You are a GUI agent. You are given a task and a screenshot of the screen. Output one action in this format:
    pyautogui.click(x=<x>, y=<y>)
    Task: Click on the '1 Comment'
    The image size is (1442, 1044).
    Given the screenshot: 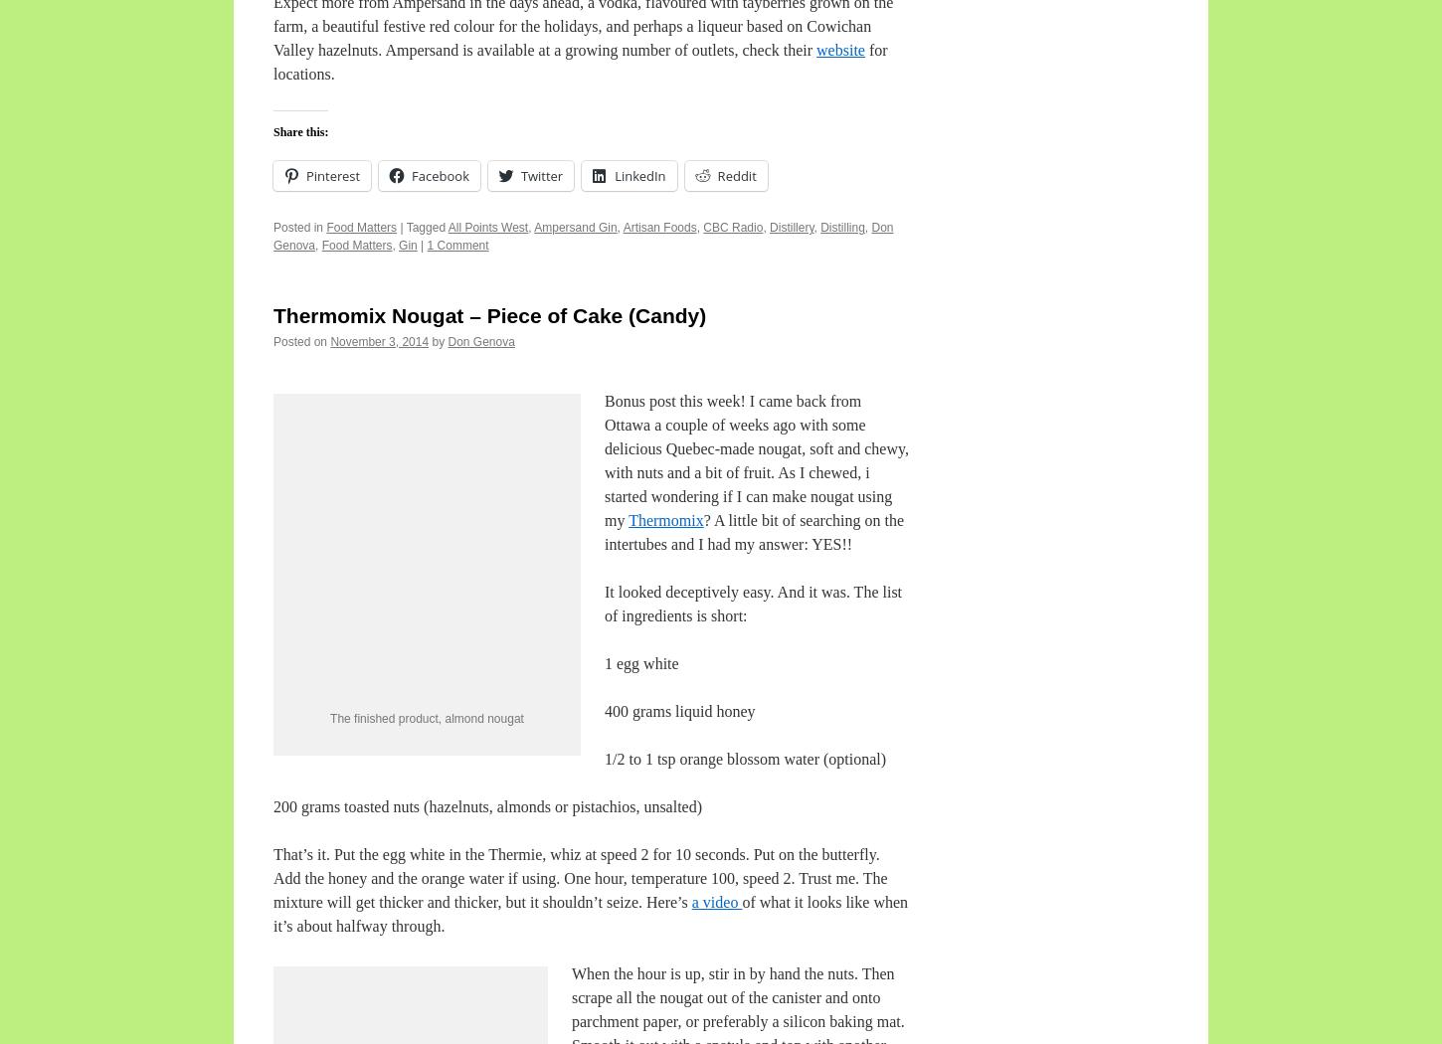 What is the action you would take?
    pyautogui.click(x=455, y=245)
    